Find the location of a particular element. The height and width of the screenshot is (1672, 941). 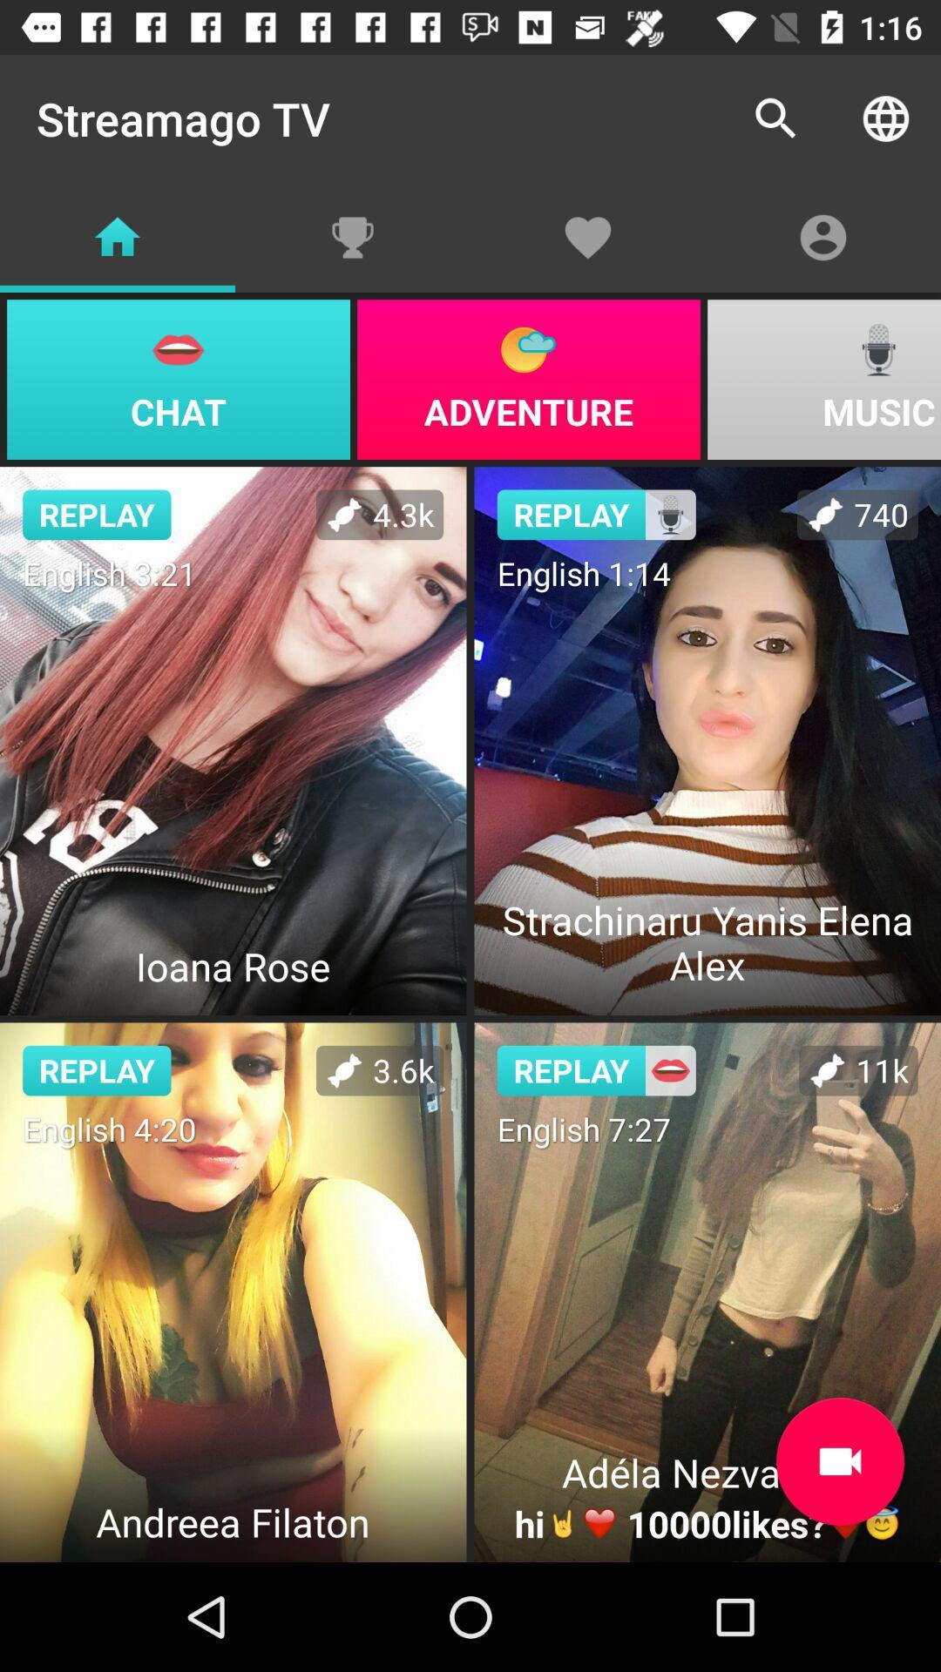

video record button is located at coordinates (839, 1461).